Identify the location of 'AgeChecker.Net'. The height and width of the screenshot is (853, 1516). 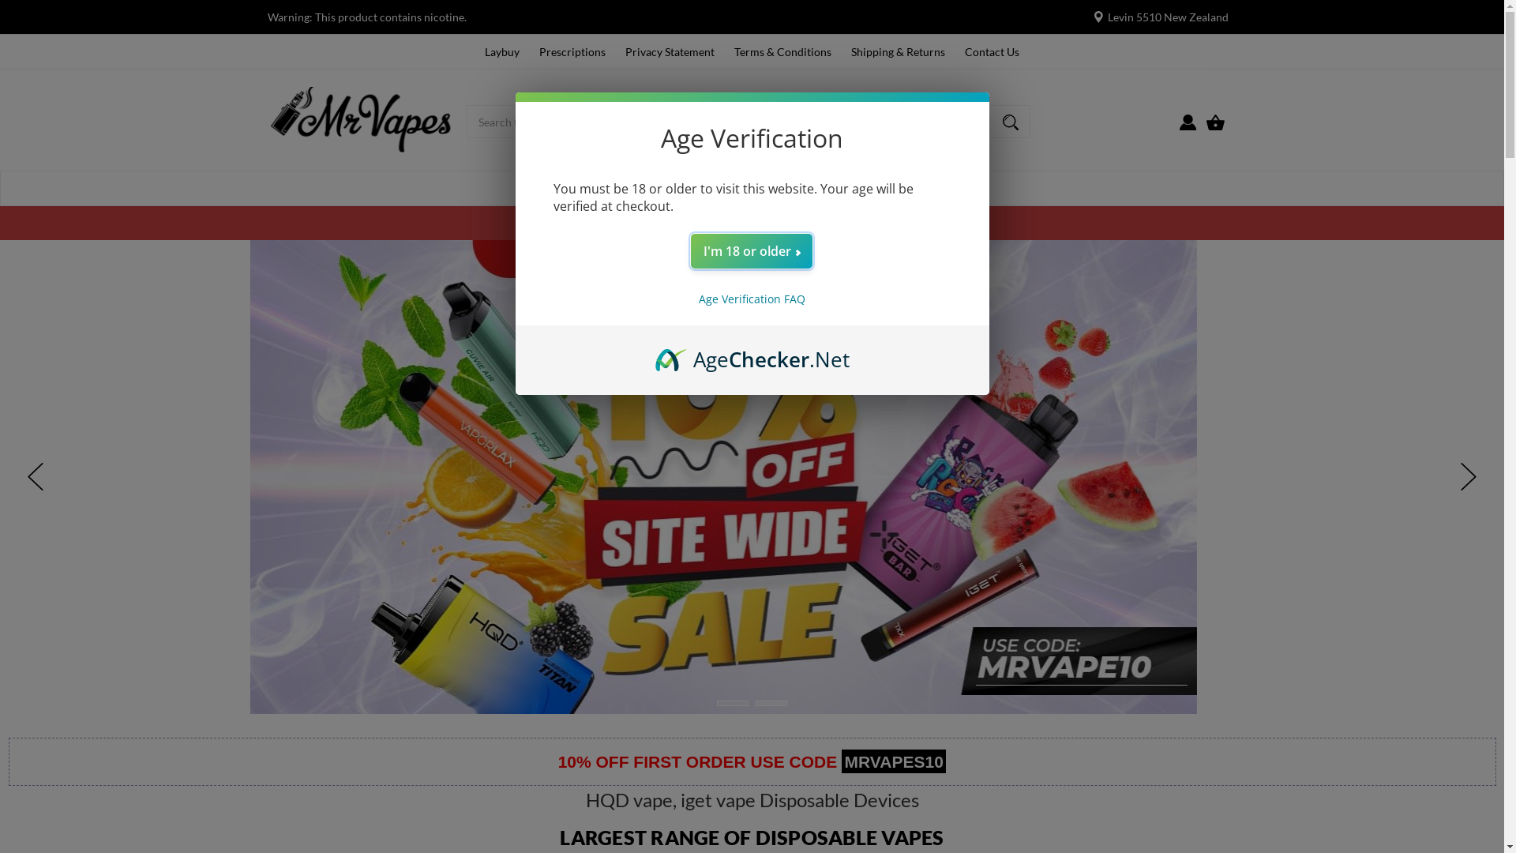
(752, 352).